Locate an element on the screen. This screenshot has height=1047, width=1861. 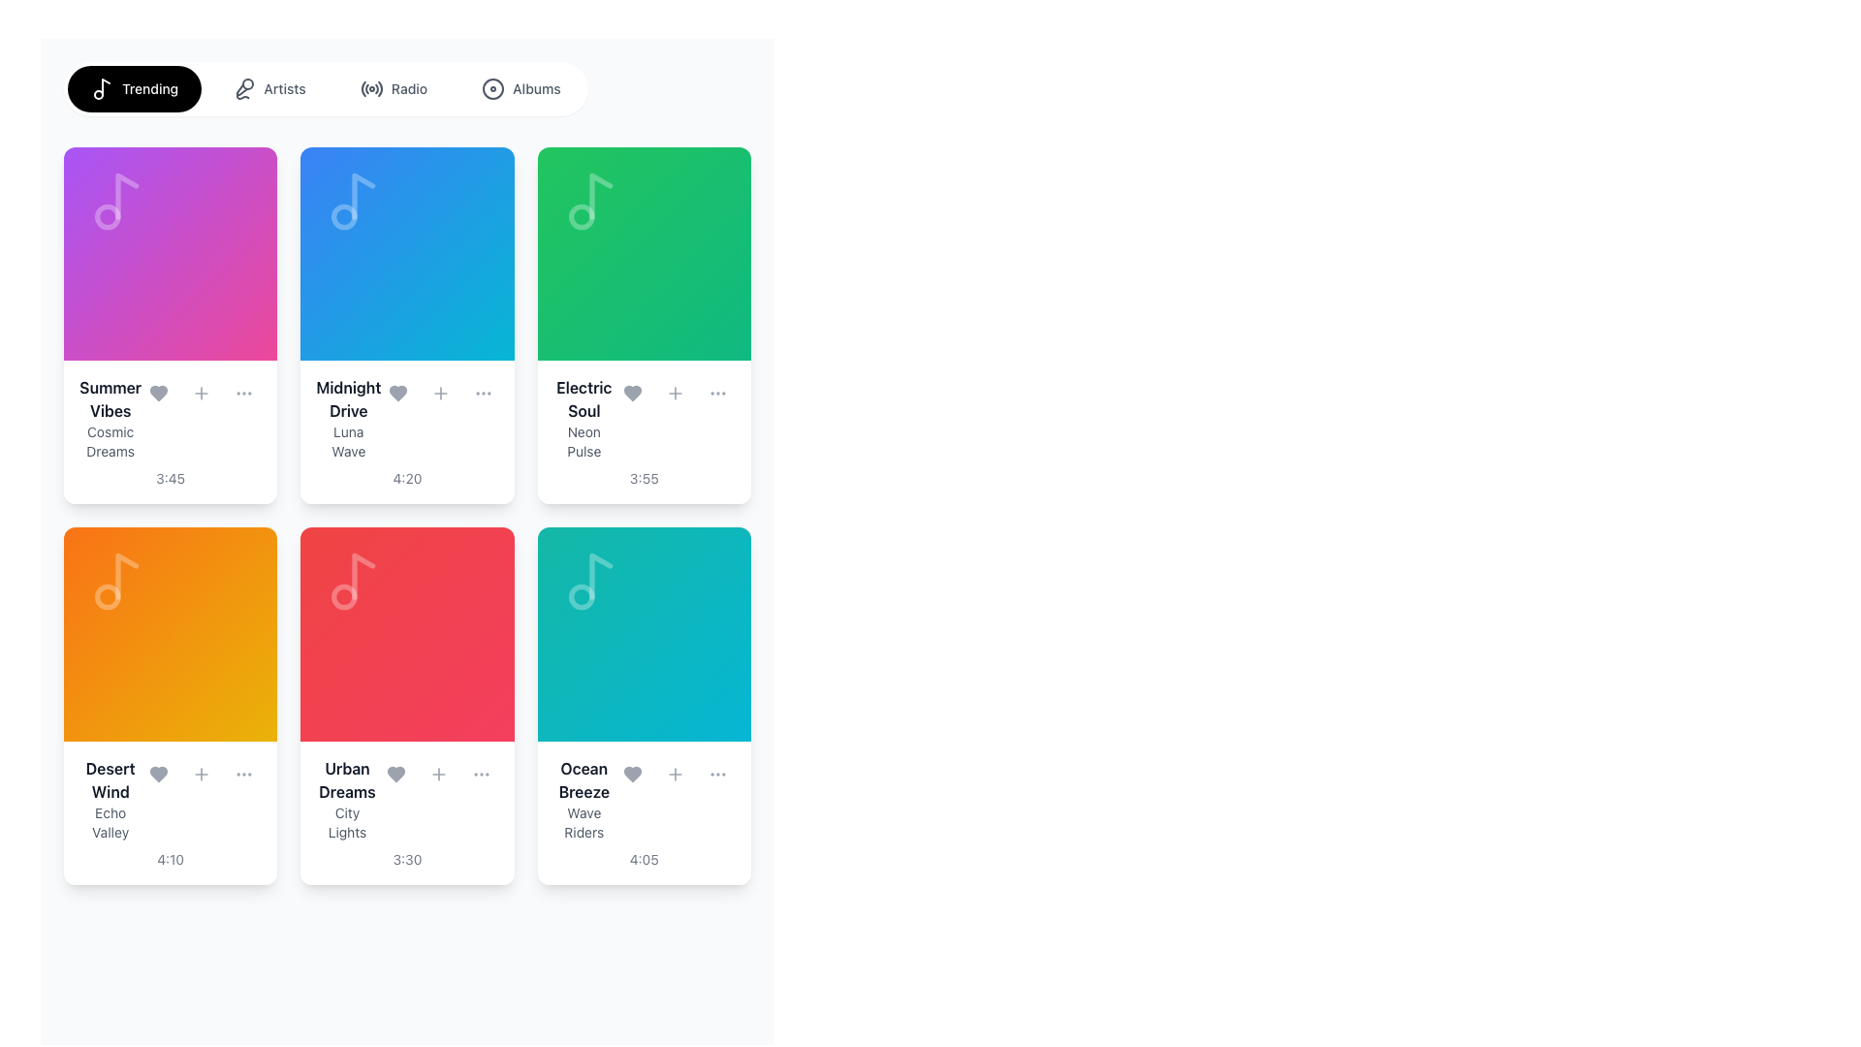
the content of the card associated with the text label located below the icon and title in the second card of the second row in the grid layout is located at coordinates (347, 799).